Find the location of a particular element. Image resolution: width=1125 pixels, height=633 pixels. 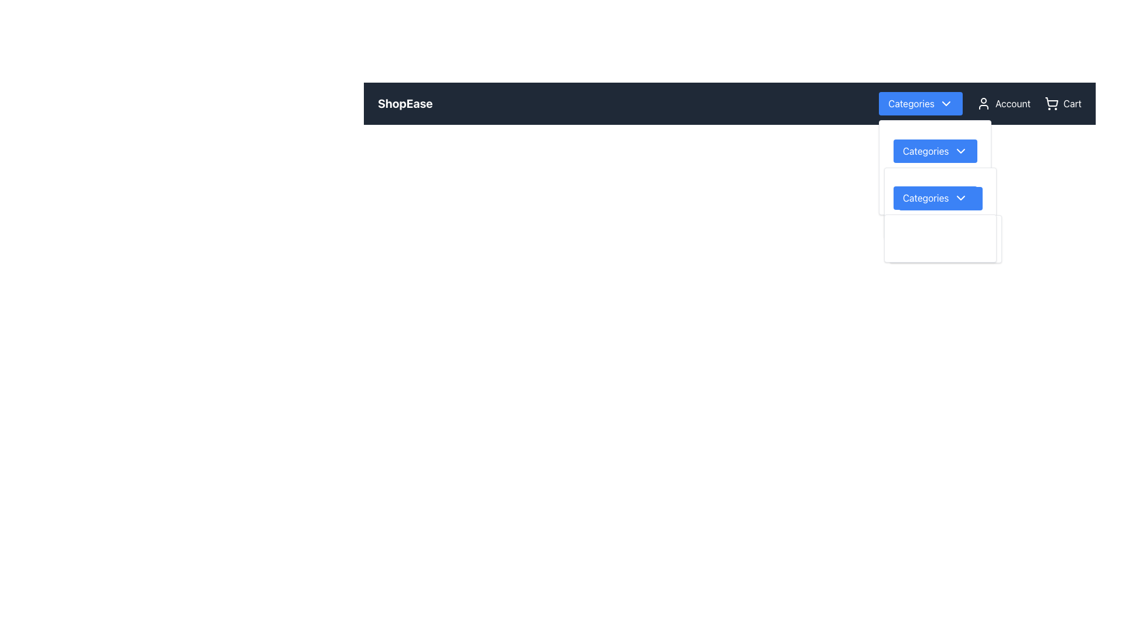

the shopping cart button located in the rightmost section of the top navigation bar is located at coordinates (1063, 103).